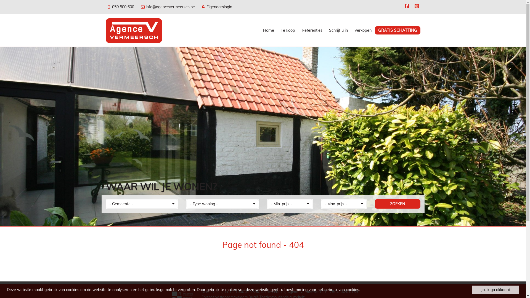 The image size is (530, 298). What do you see at coordinates (363, 30) in the screenshot?
I see `'Verkopen'` at bounding box center [363, 30].